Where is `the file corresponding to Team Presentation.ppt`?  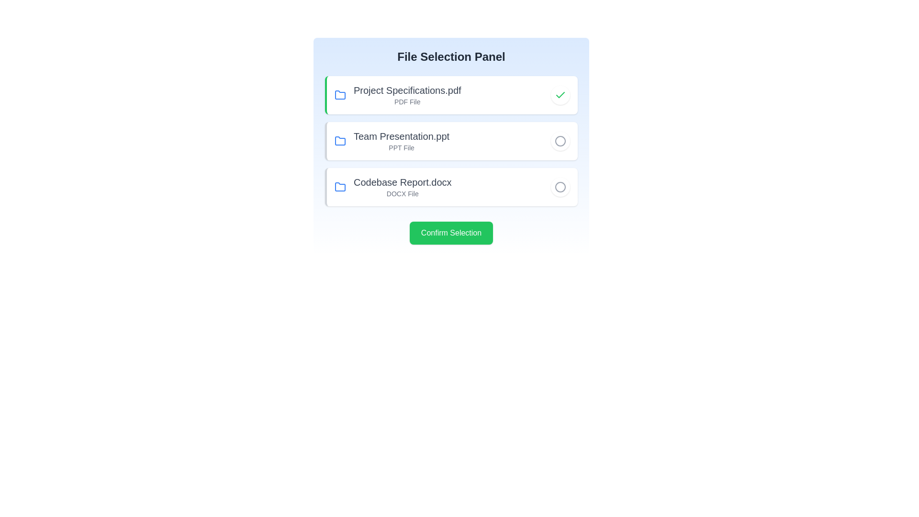
the file corresponding to Team Presentation.ppt is located at coordinates (560, 141).